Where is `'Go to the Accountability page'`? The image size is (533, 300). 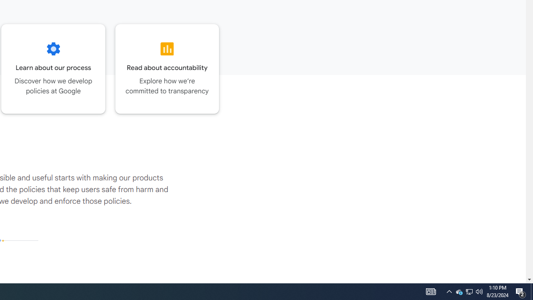 'Go to the Accountability page' is located at coordinates (167, 68).